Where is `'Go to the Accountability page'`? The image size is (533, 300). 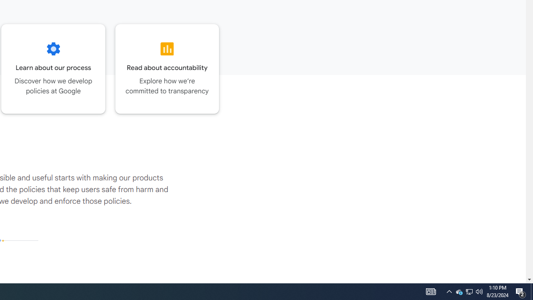 'Go to the Accountability page' is located at coordinates (167, 68).